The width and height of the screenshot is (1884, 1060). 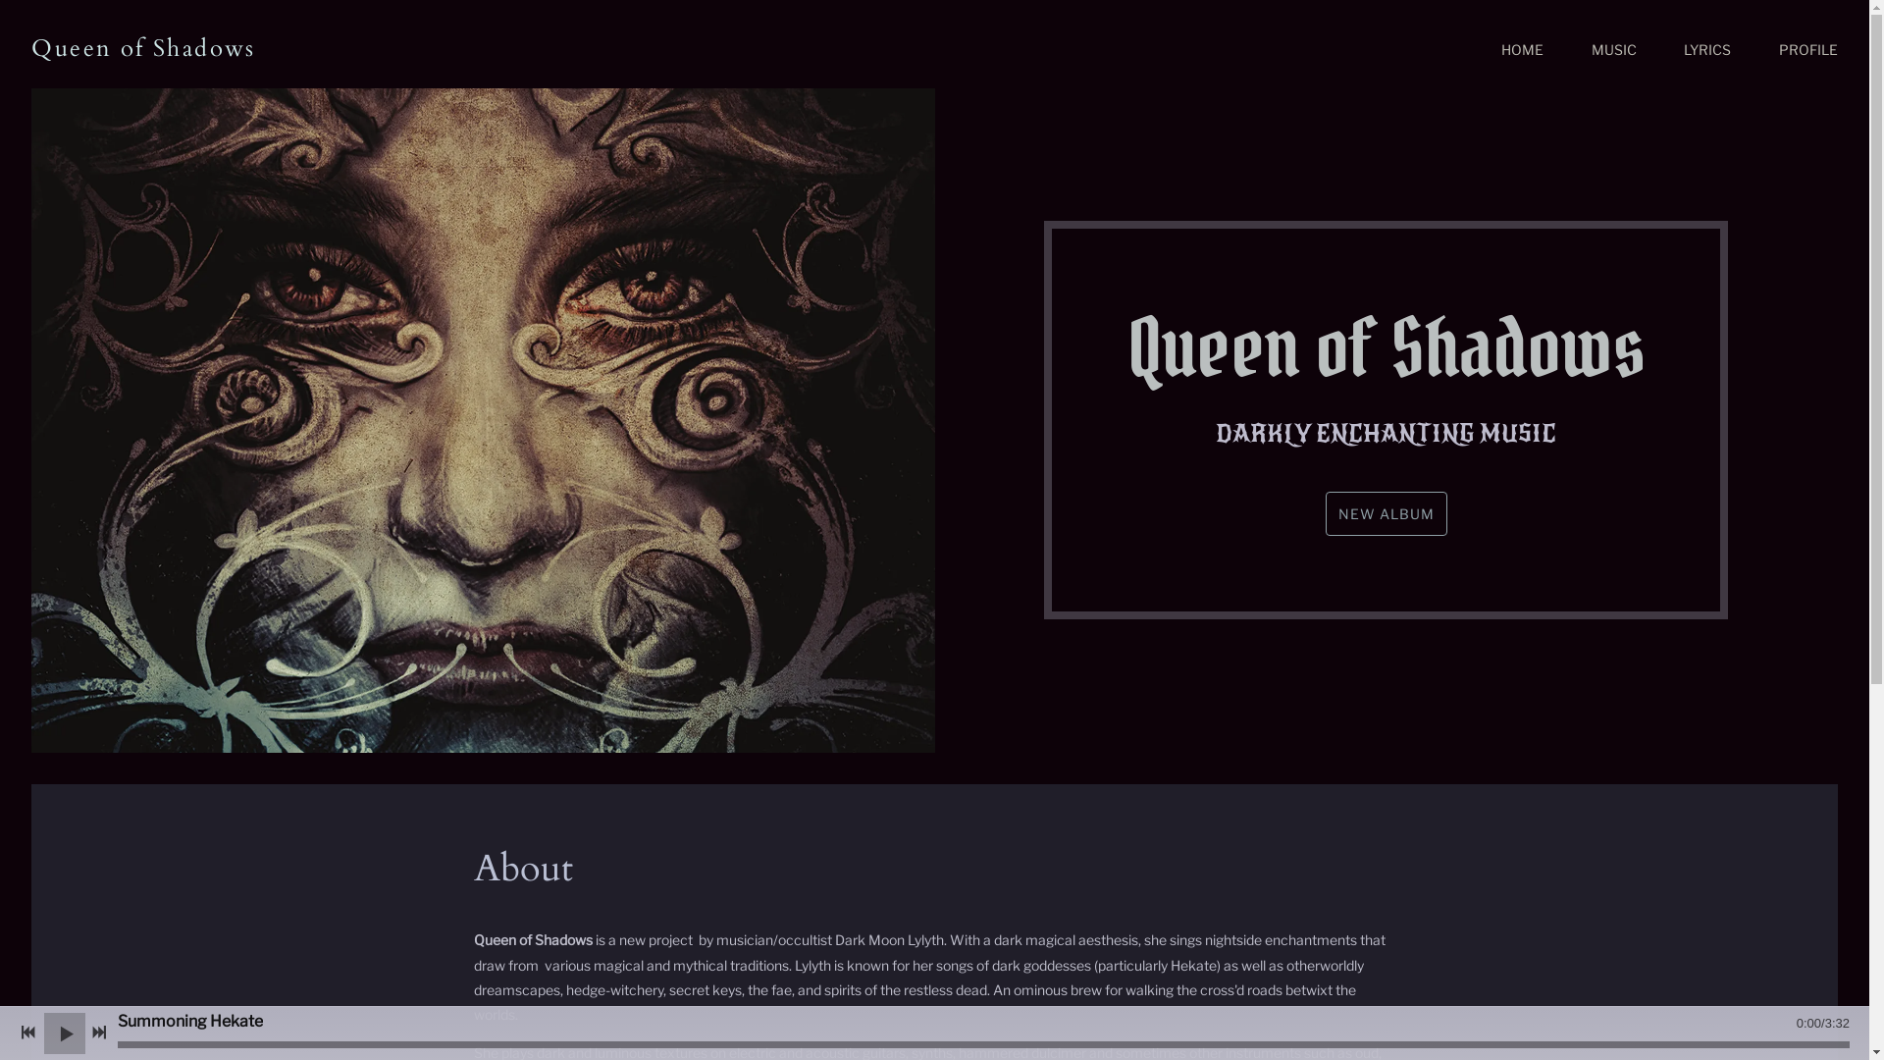 I want to click on 'Previous track', so click(x=27, y=1032).